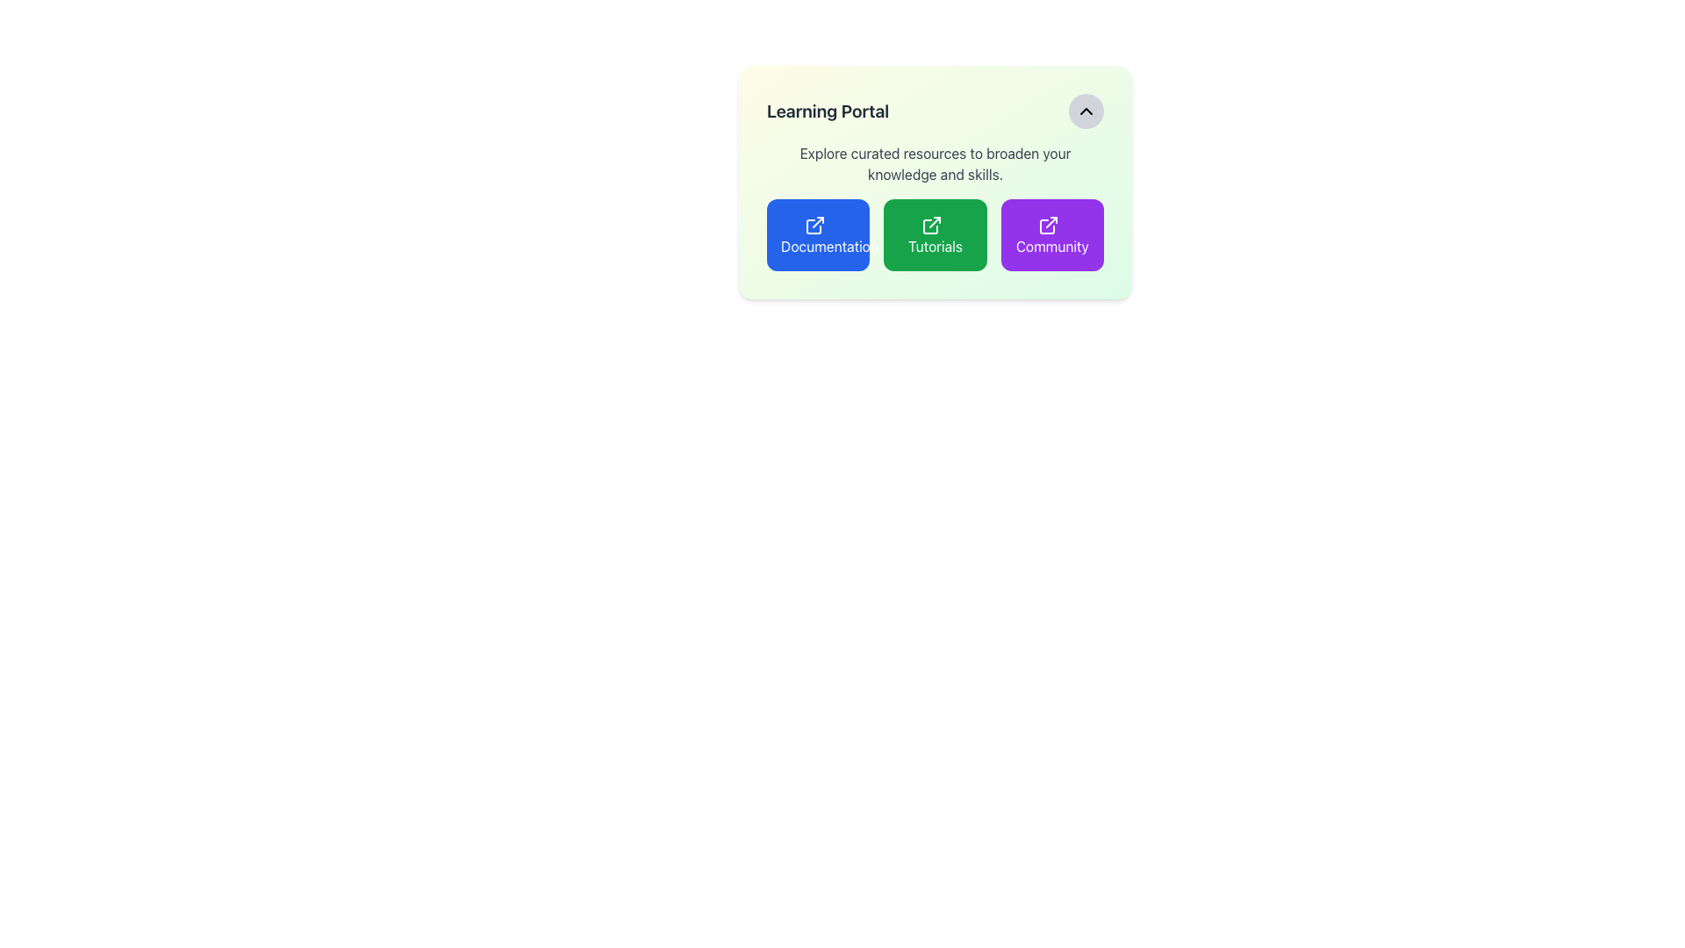 The height and width of the screenshot is (948, 1685). I want to click on the downward chevron SVG icon located within the gray circular button at the top right corner of the 'Learning Portal' card, so click(1086, 111).